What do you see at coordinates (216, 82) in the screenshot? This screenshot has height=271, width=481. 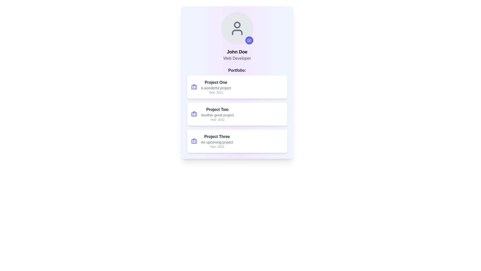 I see `the text label that serves as the title or heading of a project entry in the portfolio section` at bounding box center [216, 82].